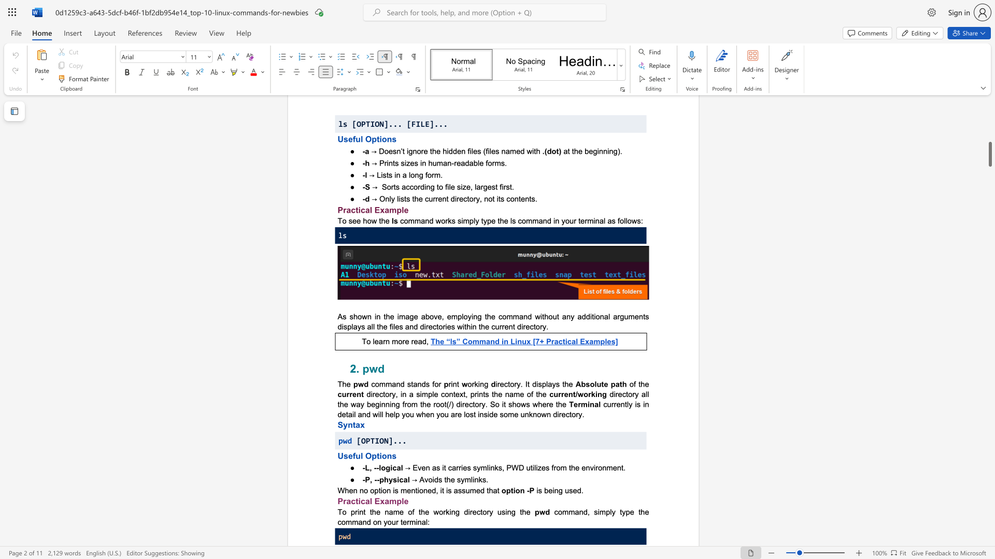 This screenshot has height=559, width=995. Describe the element at coordinates (989, 123) in the screenshot. I see `the right-hand scrollbar to ascend the page` at that location.